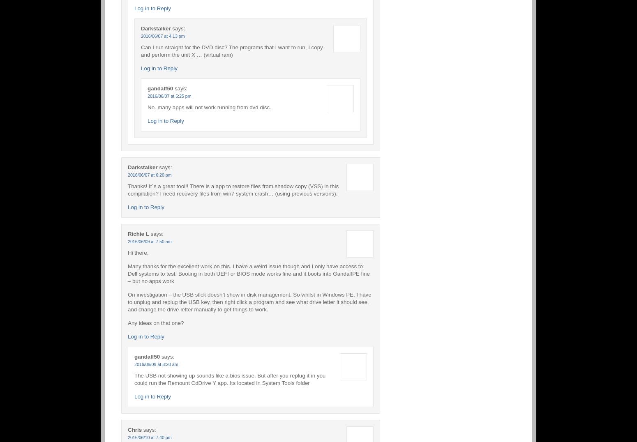  I want to click on '2016/06/10 at 7:40 pm', so click(149, 437).